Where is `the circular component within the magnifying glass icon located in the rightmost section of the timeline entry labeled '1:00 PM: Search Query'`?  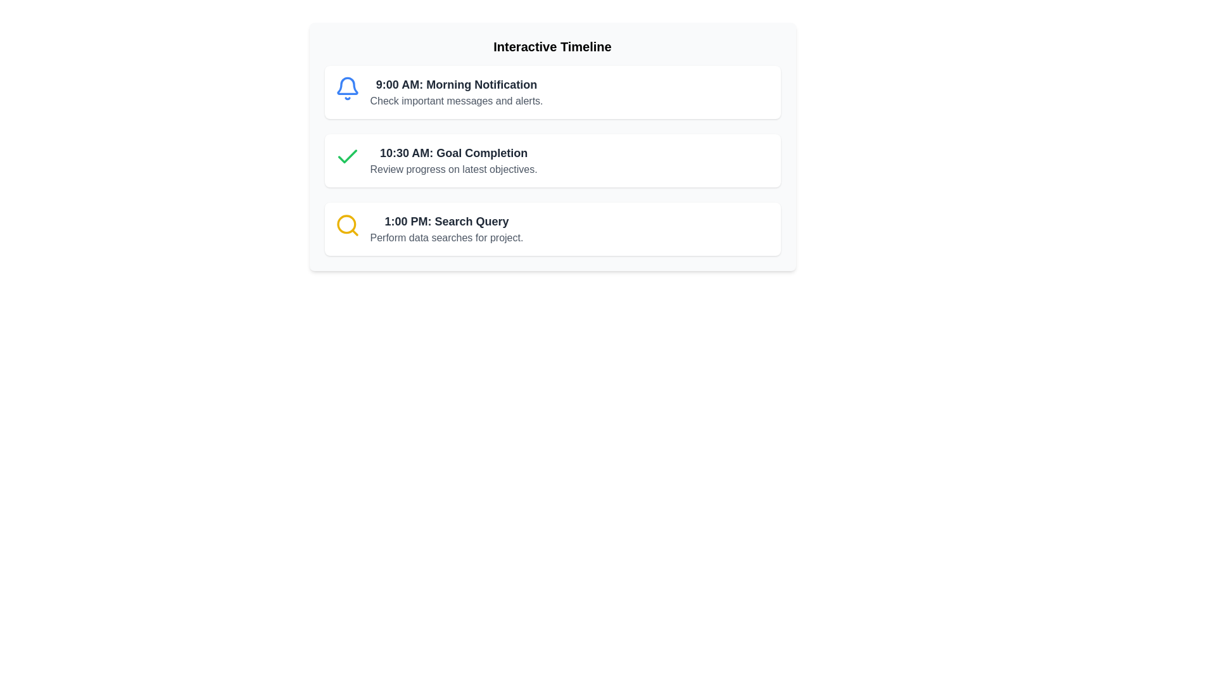 the circular component within the magnifying glass icon located in the rightmost section of the timeline entry labeled '1:00 PM: Search Query' is located at coordinates (346, 224).